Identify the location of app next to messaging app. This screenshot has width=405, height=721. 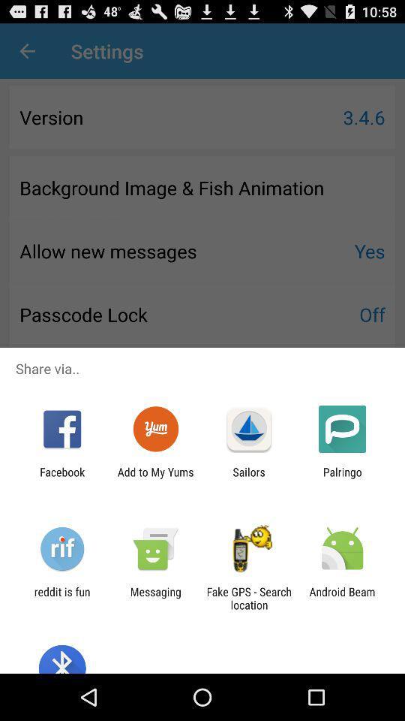
(249, 598).